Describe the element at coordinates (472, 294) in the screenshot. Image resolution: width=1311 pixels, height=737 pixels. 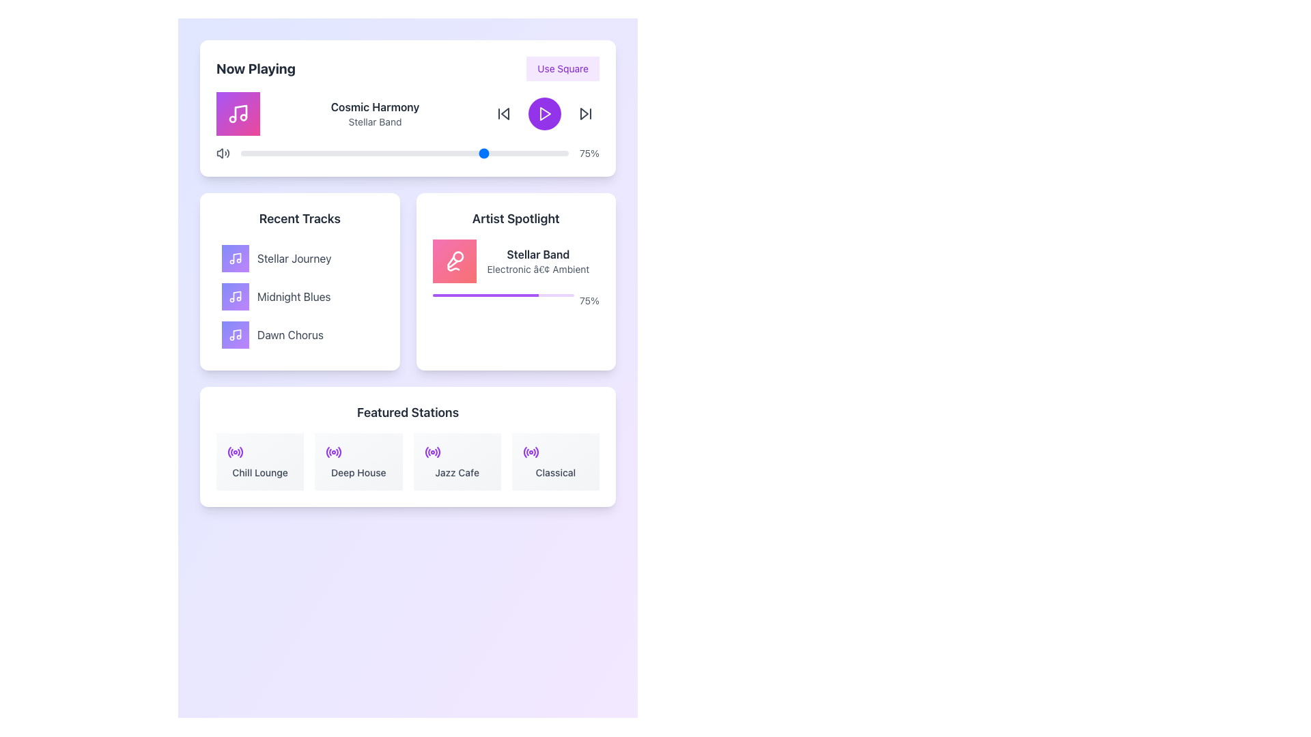
I see `progress` at that location.